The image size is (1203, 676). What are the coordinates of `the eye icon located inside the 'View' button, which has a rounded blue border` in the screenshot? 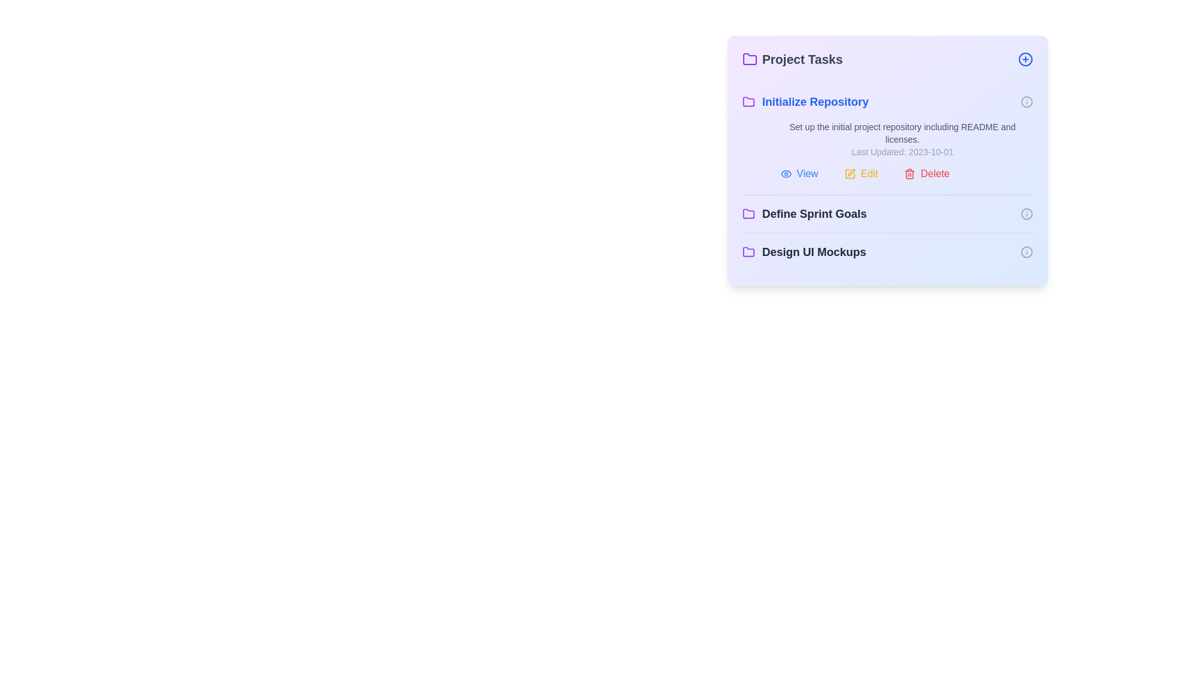 It's located at (785, 173).